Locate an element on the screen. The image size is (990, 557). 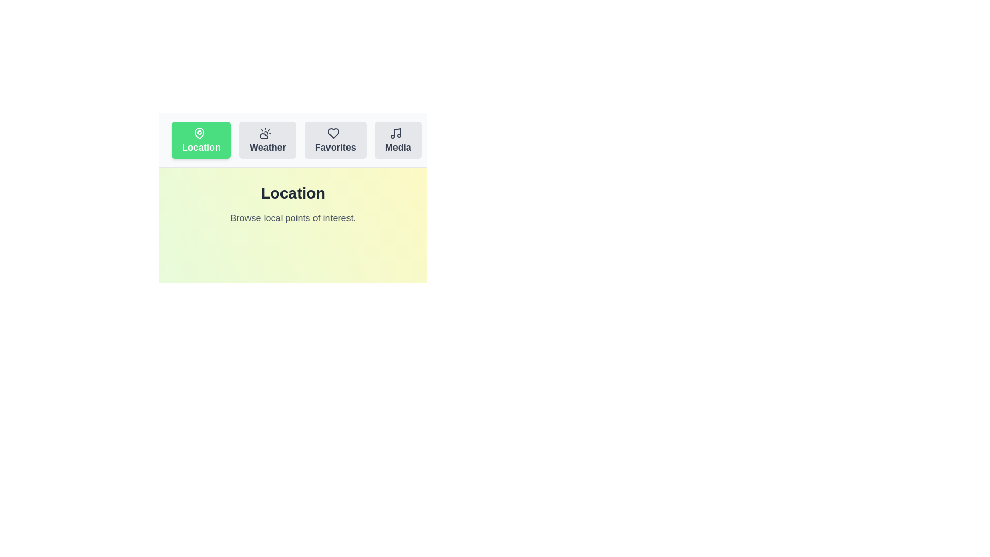
the tab labeled Location is located at coordinates (201, 140).